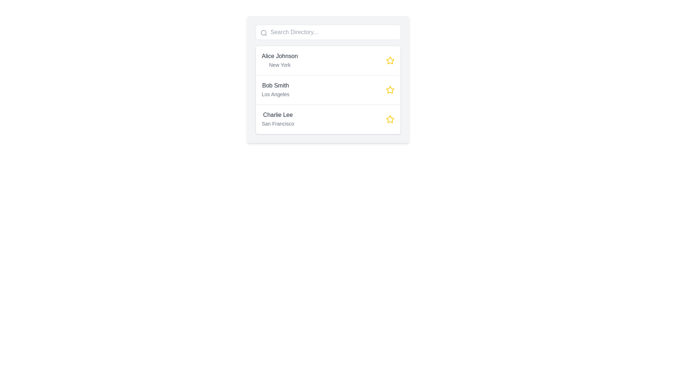  Describe the element at coordinates (390, 89) in the screenshot. I see `the star icon with a yellow outline located near 'Bob Smith' and 'Los Angeles'` at that location.